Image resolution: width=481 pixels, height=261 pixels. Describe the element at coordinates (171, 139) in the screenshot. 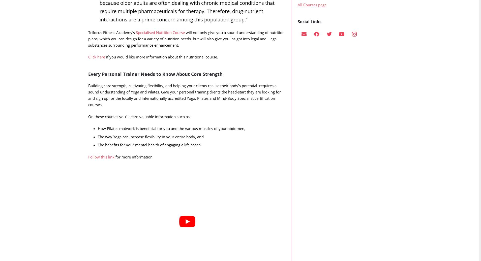

I see `'How Pilates matwork is beneficial for you and the various muscles of your abdomen,'` at that location.